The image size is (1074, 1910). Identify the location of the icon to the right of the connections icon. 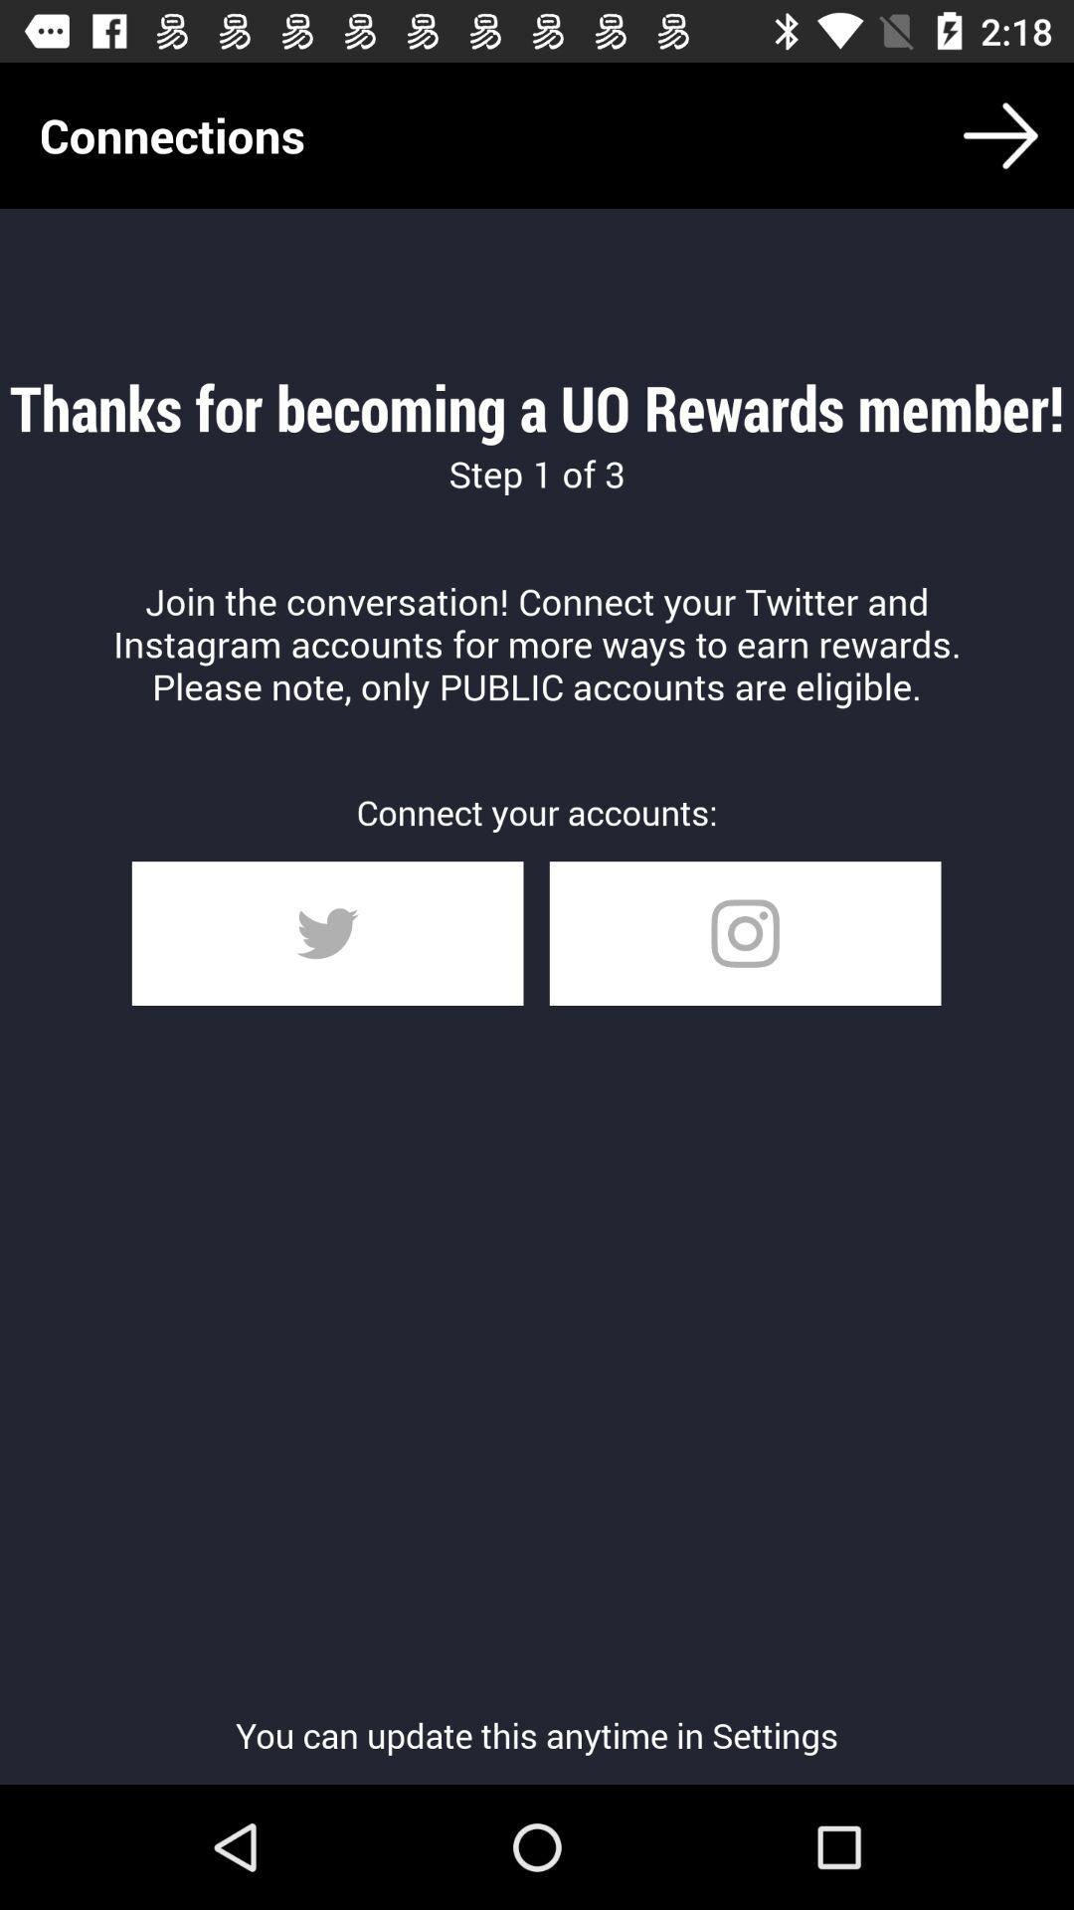
(1000, 134).